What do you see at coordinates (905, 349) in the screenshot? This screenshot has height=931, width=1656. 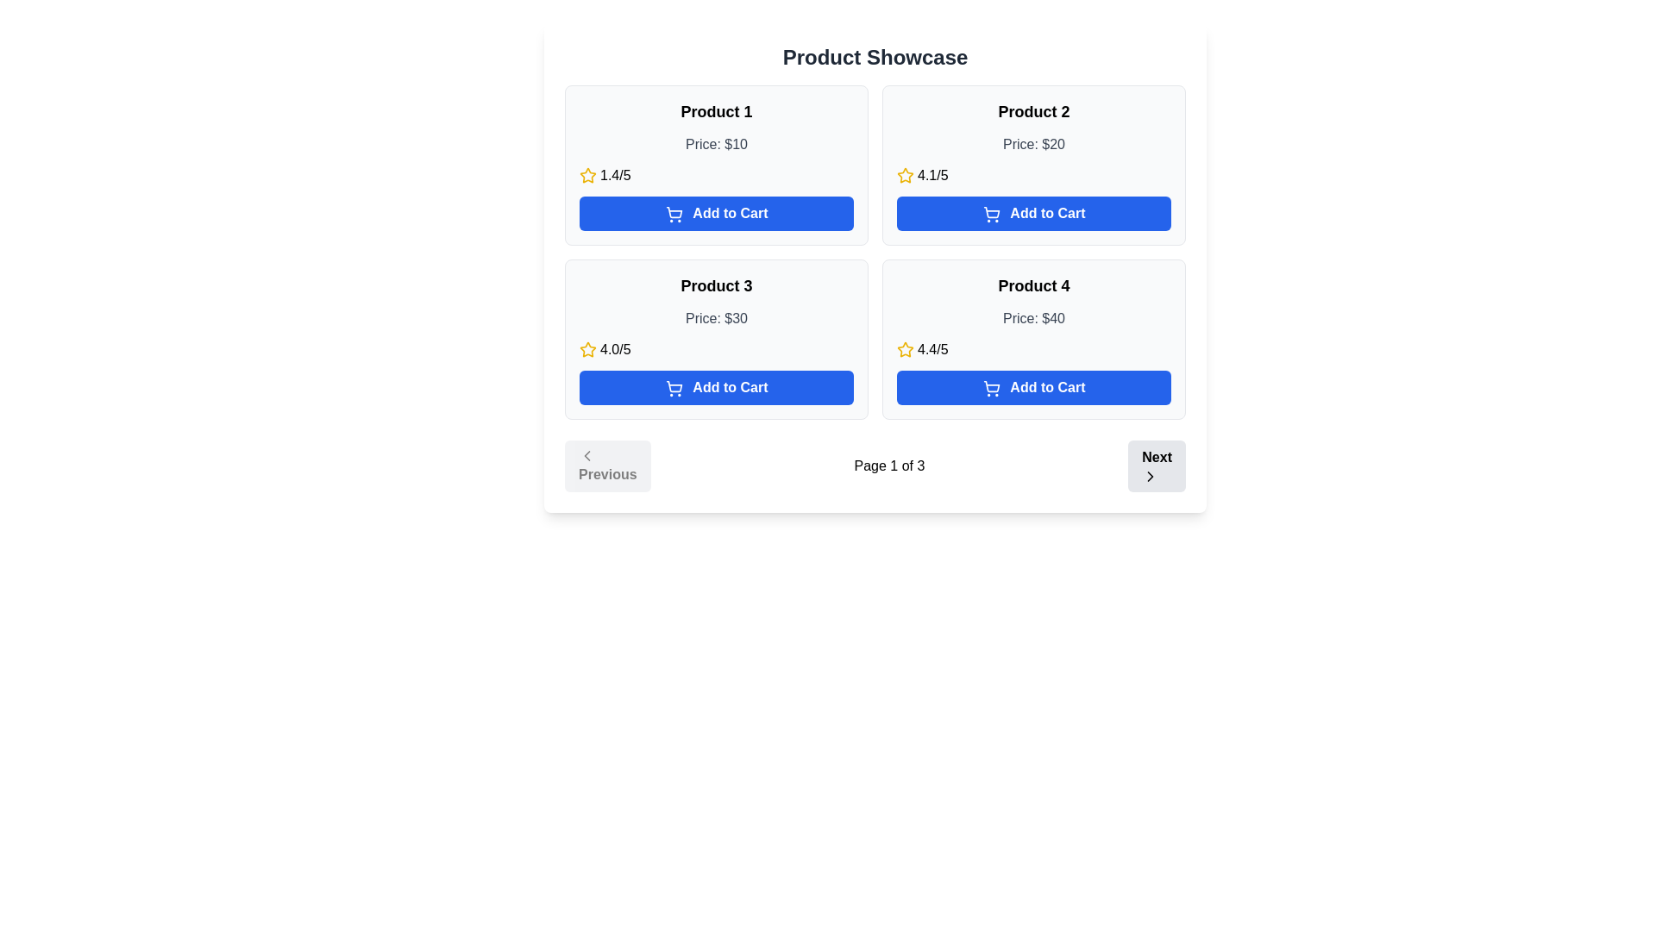 I see `the star icon representing the product rating located at the top-left corner of the 'Product 4' card, next to the numeric rating (4.4/5), passively` at bounding box center [905, 349].